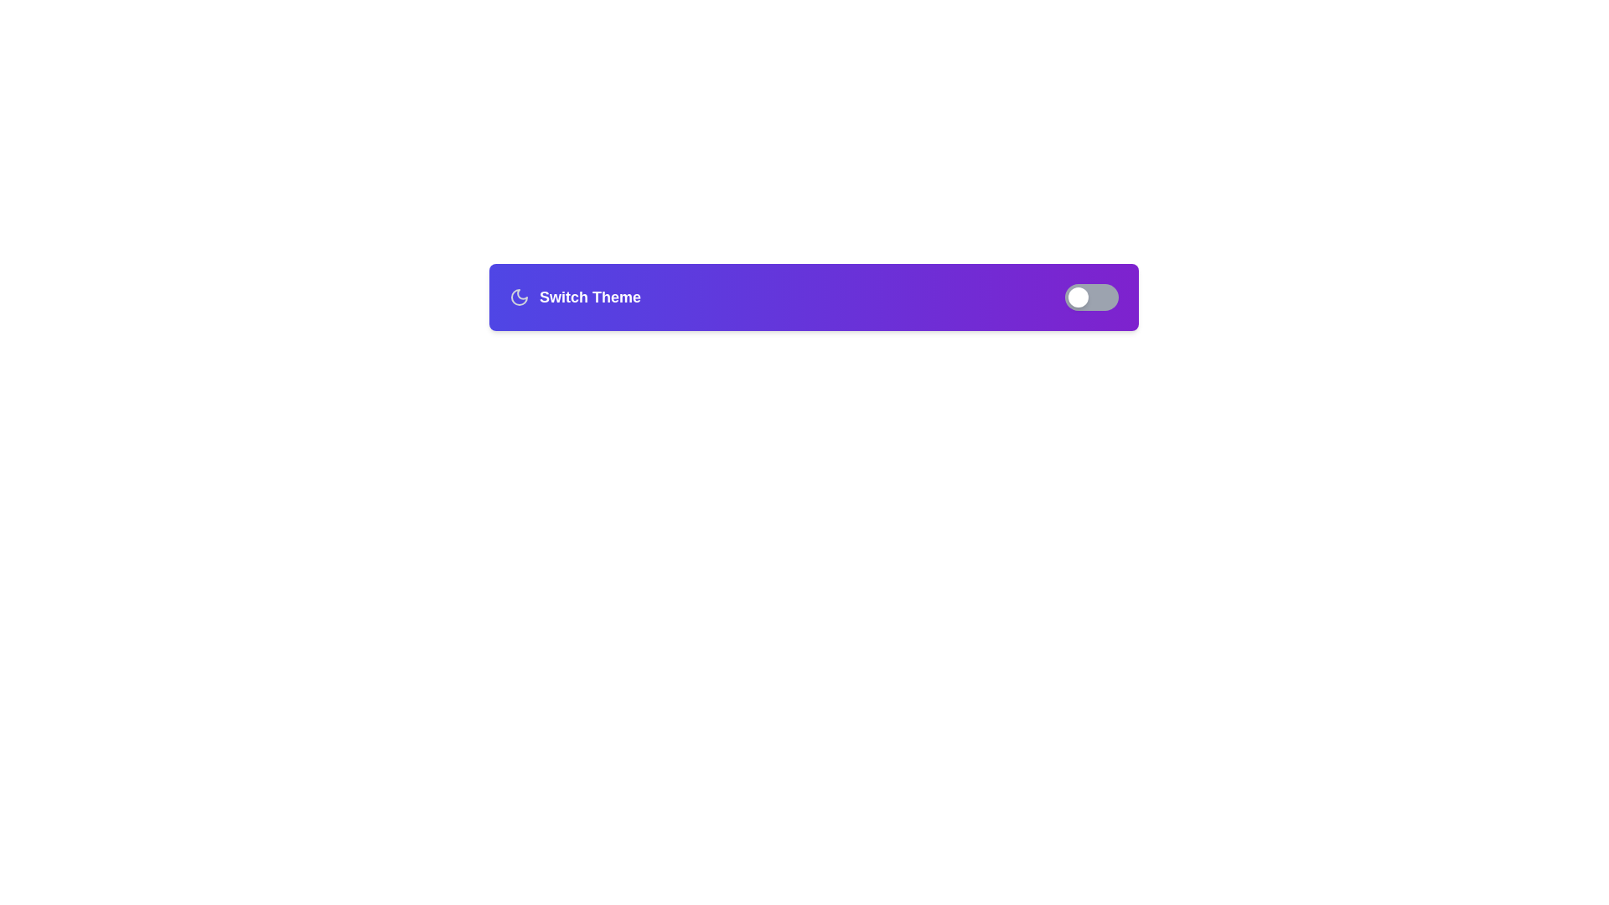 The width and height of the screenshot is (1609, 905). What do you see at coordinates (590, 296) in the screenshot?
I see `the text label that describes the functionality of the associated toggle switch for changing the display theme, which is centrally positioned between a moon icon and a toggle switch` at bounding box center [590, 296].